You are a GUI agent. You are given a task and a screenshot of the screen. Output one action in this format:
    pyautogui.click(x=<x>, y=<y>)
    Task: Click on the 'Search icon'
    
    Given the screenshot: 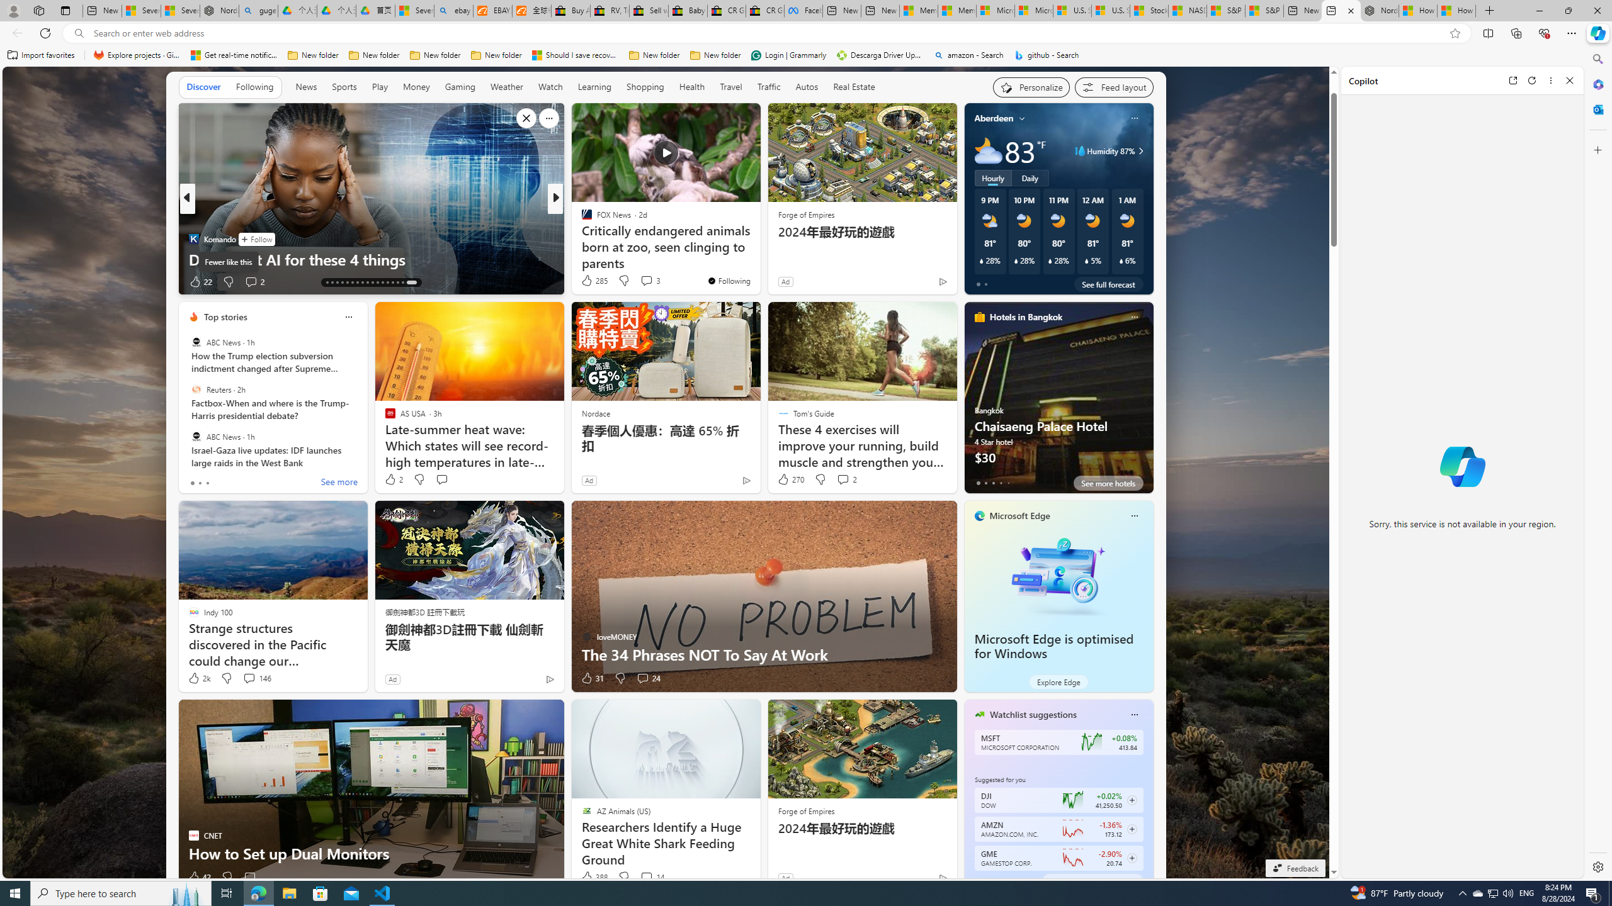 What is the action you would take?
    pyautogui.click(x=79, y=33)
    